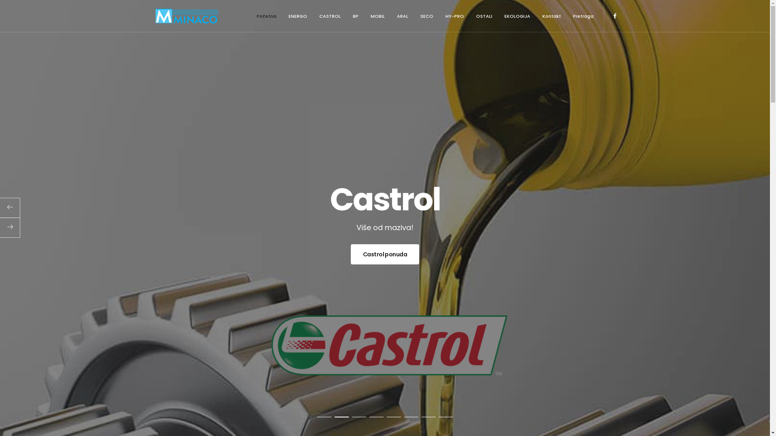  I want to click on 'EKOLOGIJA', so click(516, 16).